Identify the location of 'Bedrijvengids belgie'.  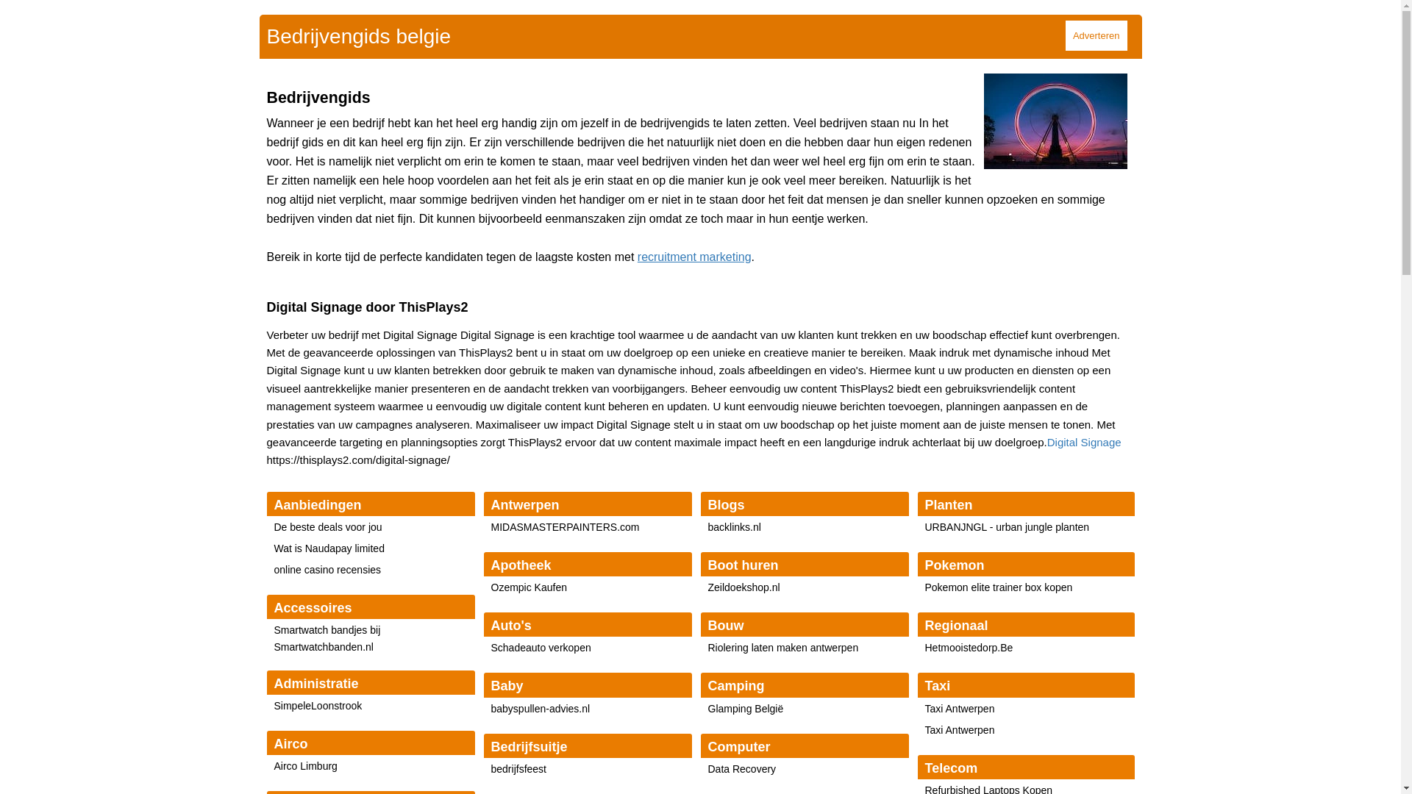
(265, 35).